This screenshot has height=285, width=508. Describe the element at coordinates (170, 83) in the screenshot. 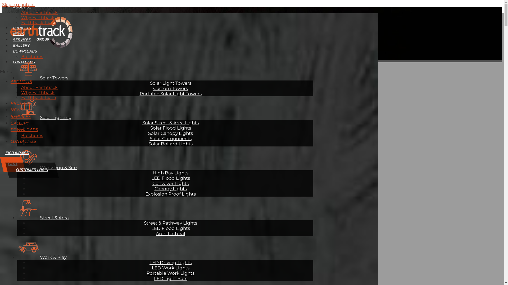

I see `'Solar Light Towers'` at that location.